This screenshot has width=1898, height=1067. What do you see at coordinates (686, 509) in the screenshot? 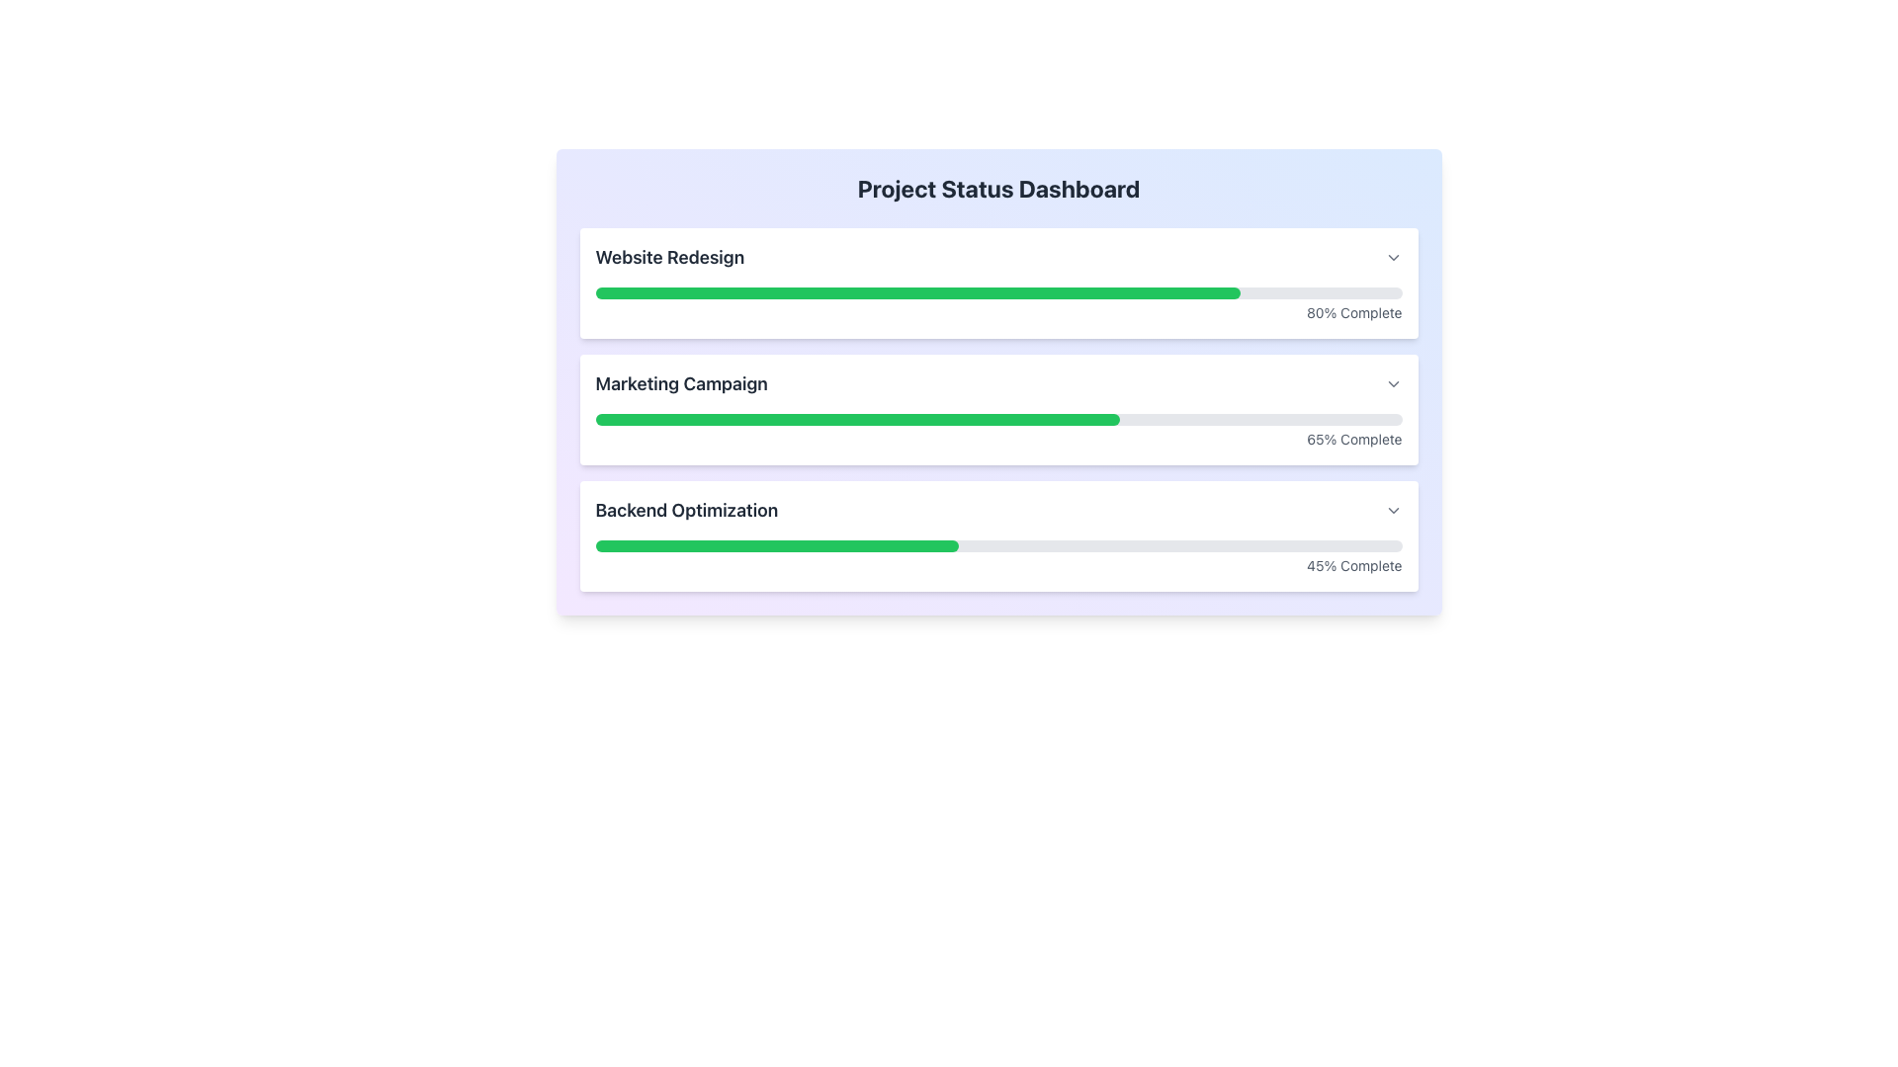
I see `the heading text label displaying 'Backend Optimization', which is styled with a larger font size, bold weight, and dark gray color, located in the third row of a vertically aligned list above a progress bar` at bounding box center [686, 509].